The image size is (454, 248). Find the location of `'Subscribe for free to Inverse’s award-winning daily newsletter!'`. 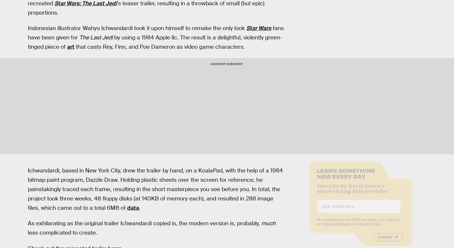

'Subscribe for free to Inverse’s award-winning daily newsletter!' is located at coordinates (353, 193).